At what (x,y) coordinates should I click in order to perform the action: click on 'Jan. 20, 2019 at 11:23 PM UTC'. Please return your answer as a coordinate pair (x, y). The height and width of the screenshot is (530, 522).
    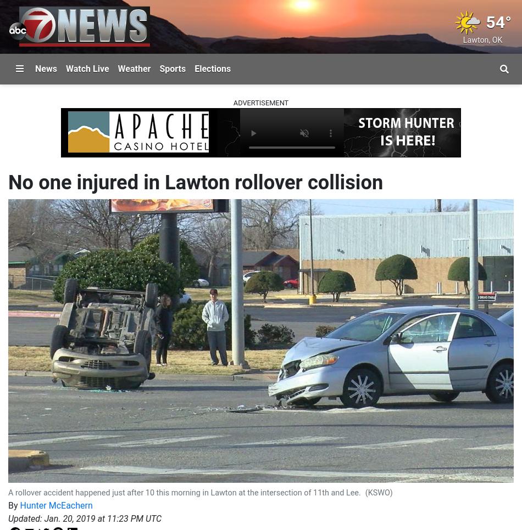
    Looking at the image, I should click on (43, 518).